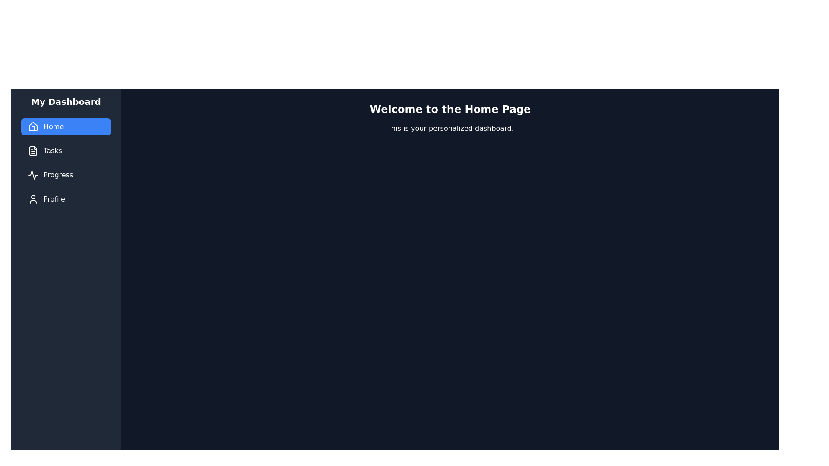 The height and width of the screenshot is (466, 829). What do you see at coordinates (33, 199) in the screenshot?
I see `the user profile icon which is styled with a stroke appearance, located in the sidebar navigation menu` at bounding box center [33, 199].